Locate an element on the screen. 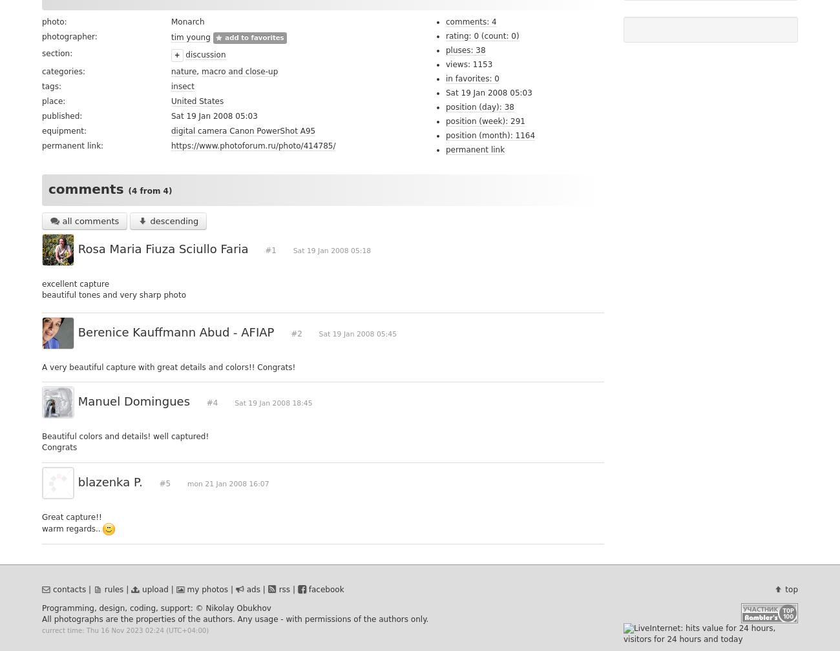  '(4 from 4)' is located at coordinates (149, 191).